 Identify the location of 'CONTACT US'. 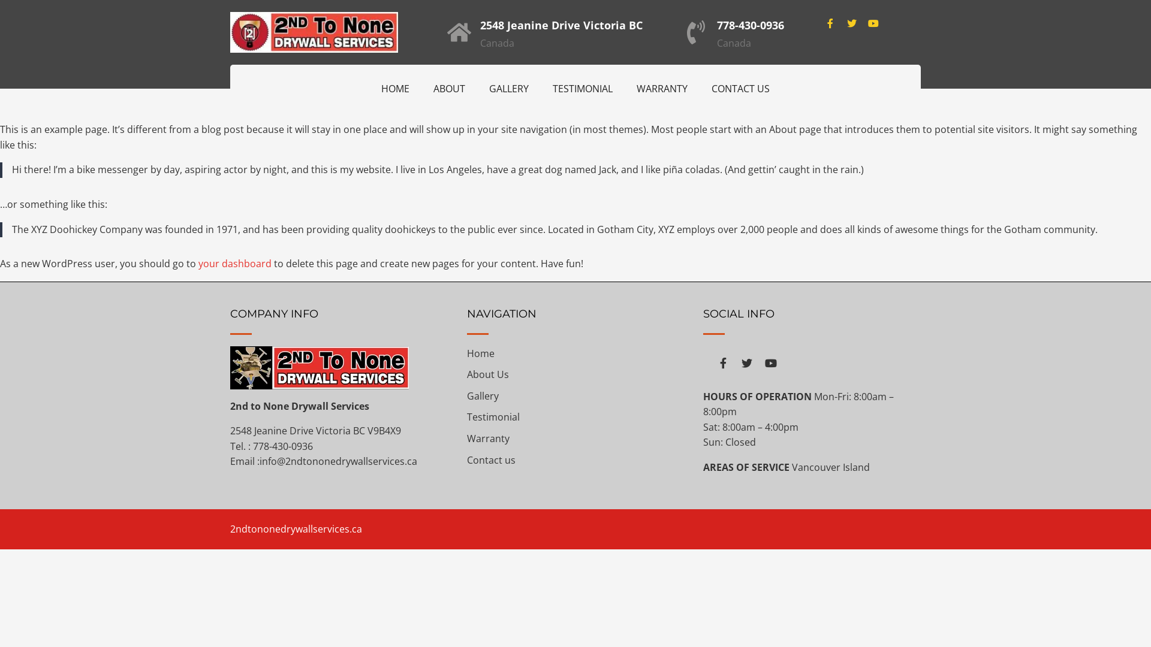
(699, 87).